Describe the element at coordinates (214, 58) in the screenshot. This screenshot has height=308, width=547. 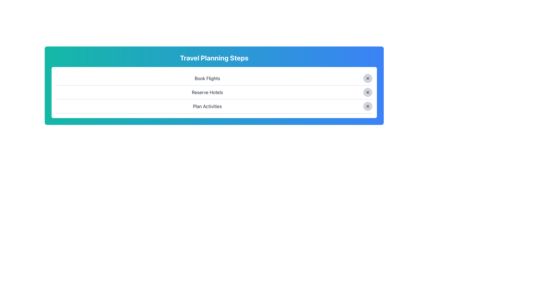
I see `the prominently styled header displaying the text 'Travel Planning Steps', which is centrally located above the steps in a rounded rectangle with a gradient background` at that location.